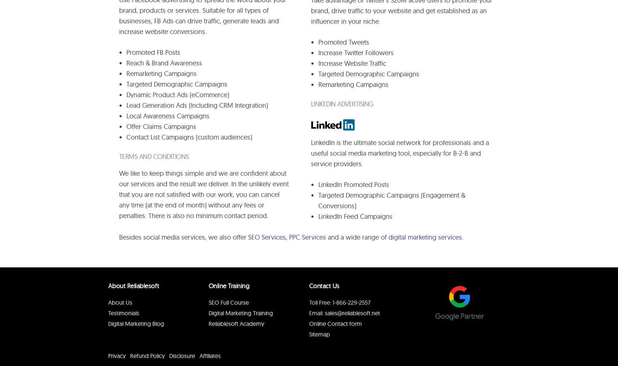 The image size is (618, 366). Describe the element at coordinates (343, 41) in the screenshot. I see `'Promoted Tweets'` at that location.